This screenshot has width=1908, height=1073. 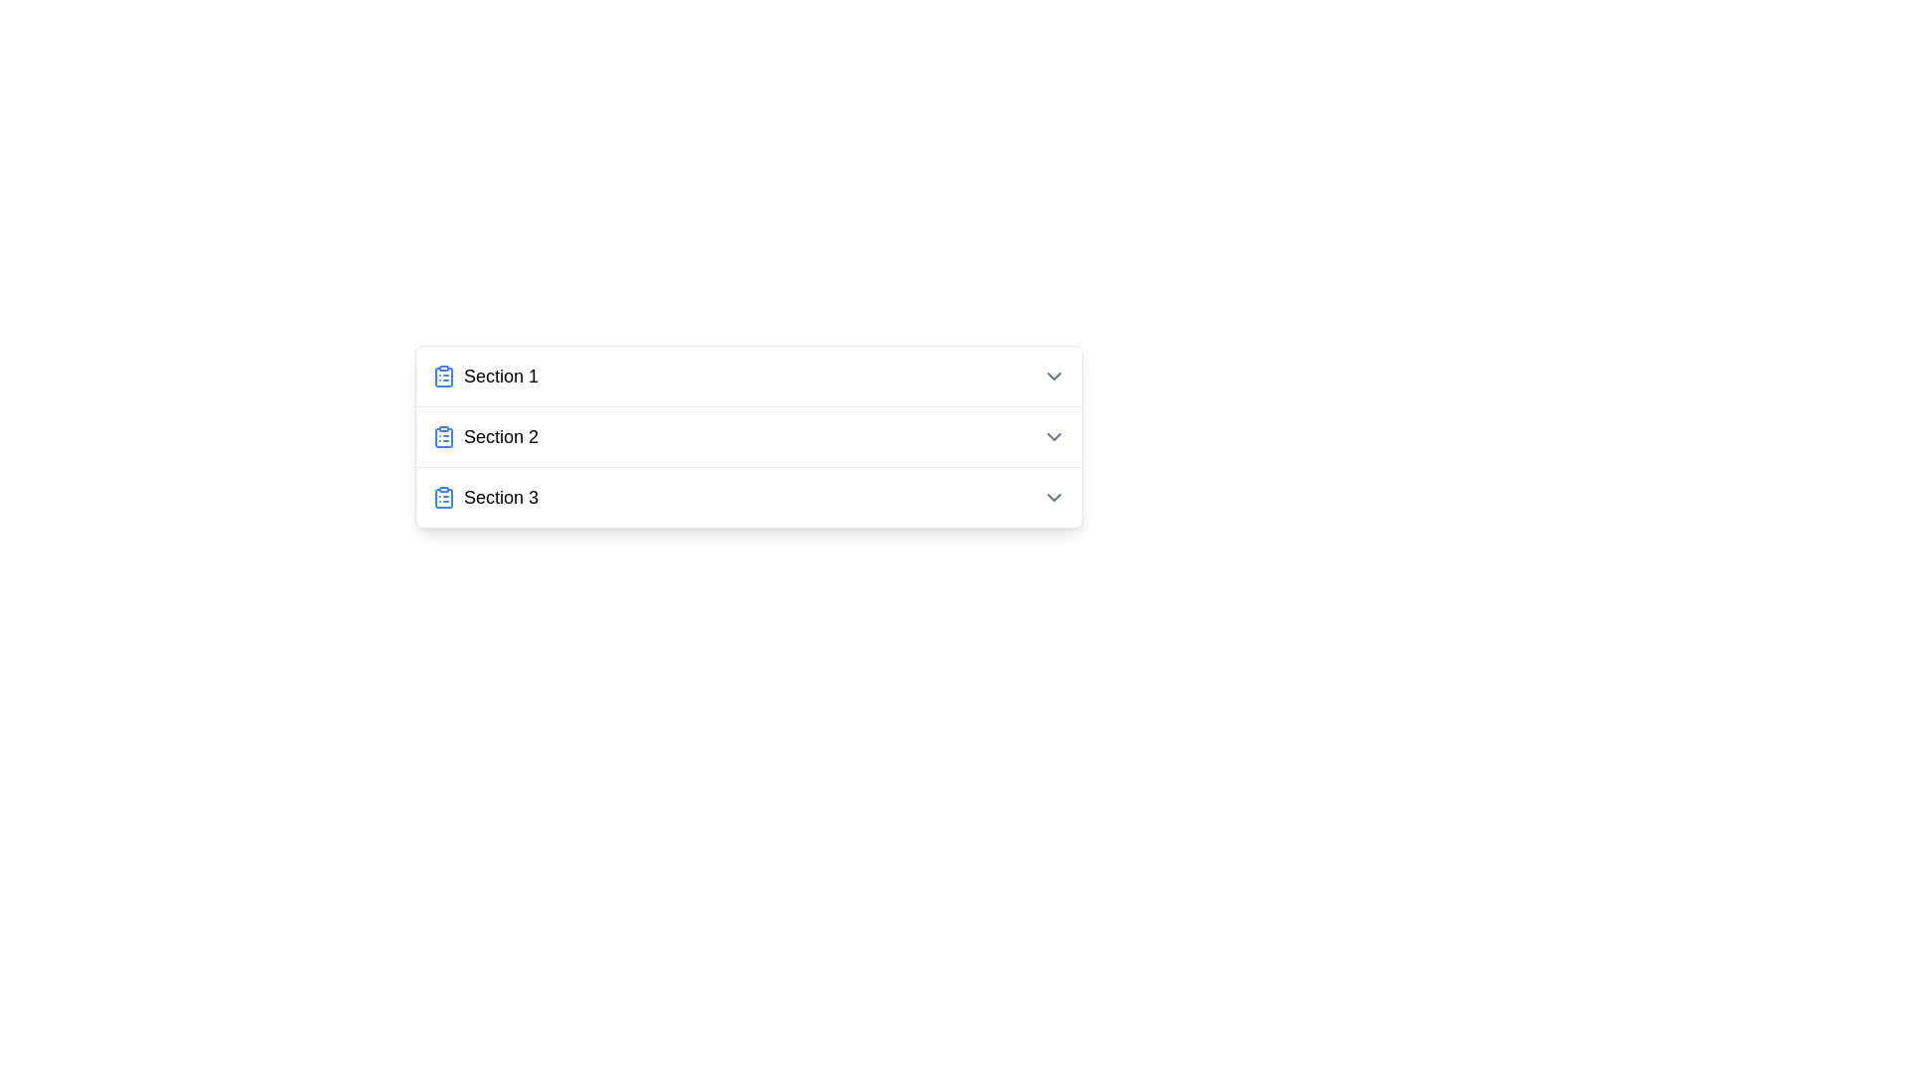 What do you see at coordinates (1052, 435) in the screenshot?
I see `the Dropdown icon (chevron) located to the far right of the row for 'Section 2'` at bounding box center [1052, 435].